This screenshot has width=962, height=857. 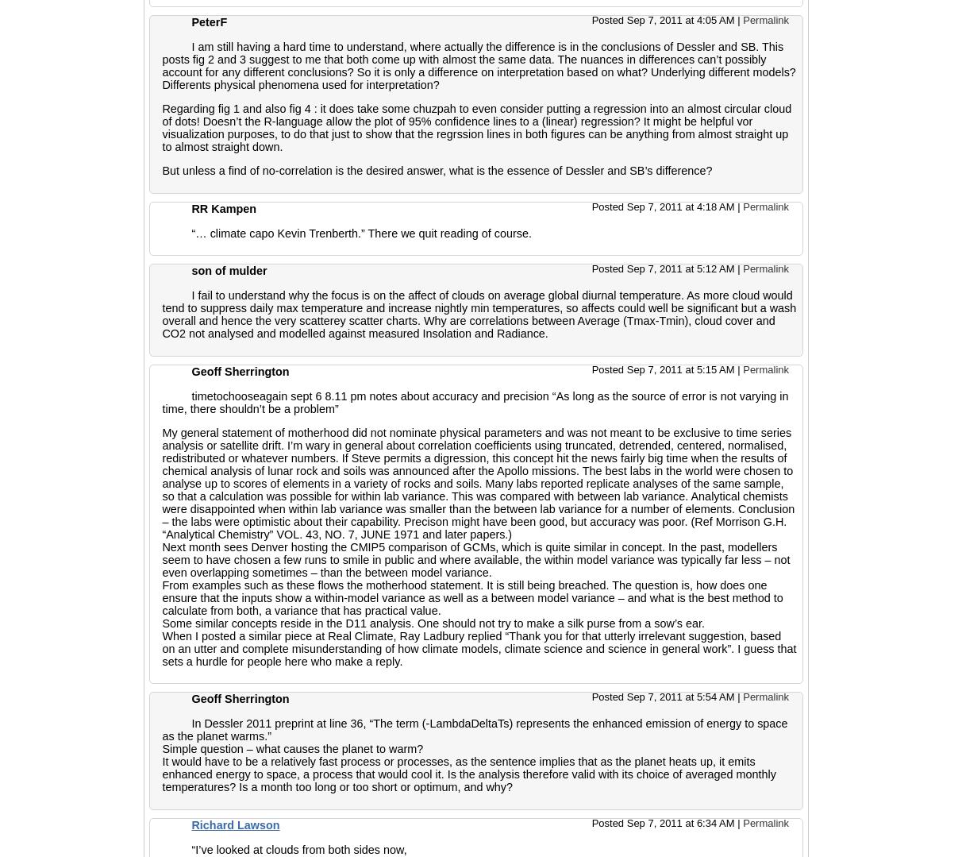 I want to click on 'son of mulder', so click(x=229, y=270).